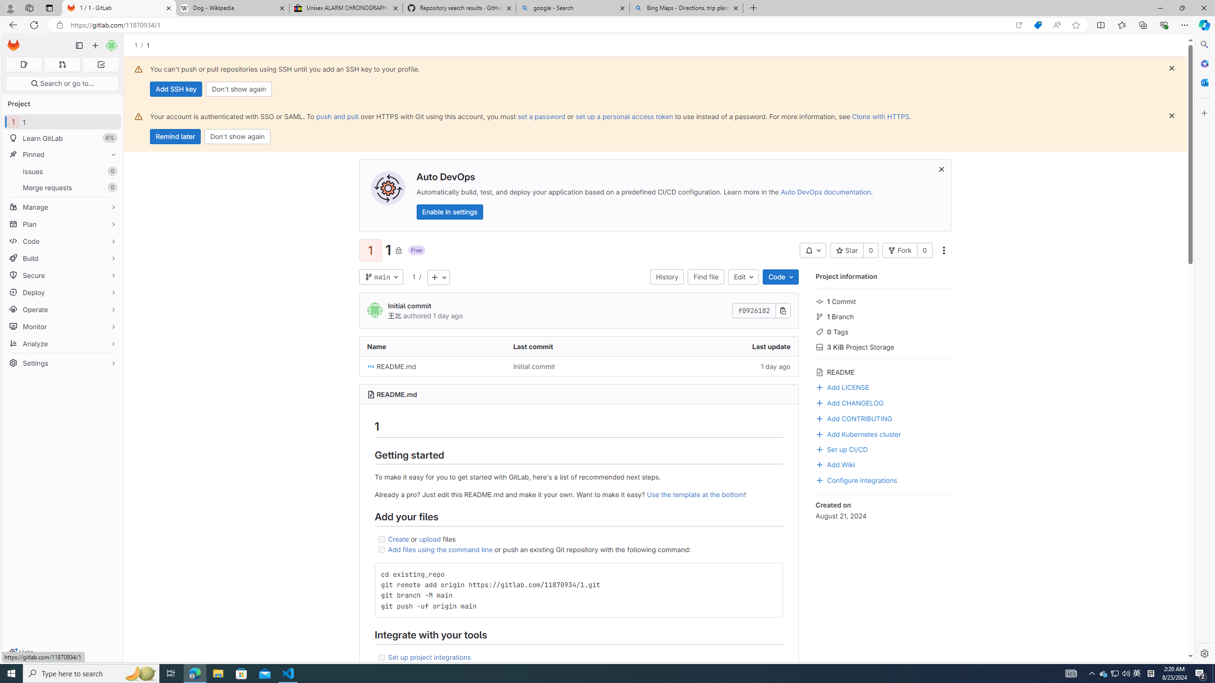 Image resolution: width=1215 pixels, height=683 pixels. What do you see at coordinates (62, 187) in the screenshot?
I see `'Merge requests 0'` at bounding box center [62, 187].